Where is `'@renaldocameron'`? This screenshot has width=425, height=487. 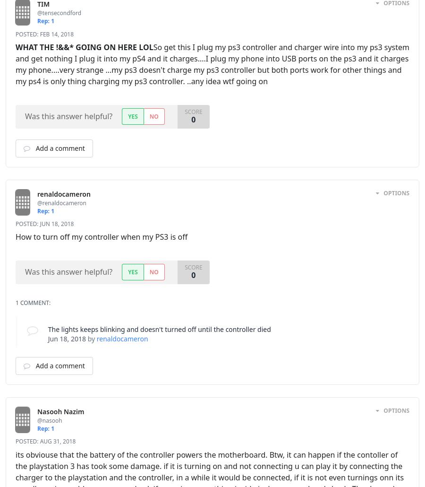
'@renaldocameron' is located at coordinates (37, 202).